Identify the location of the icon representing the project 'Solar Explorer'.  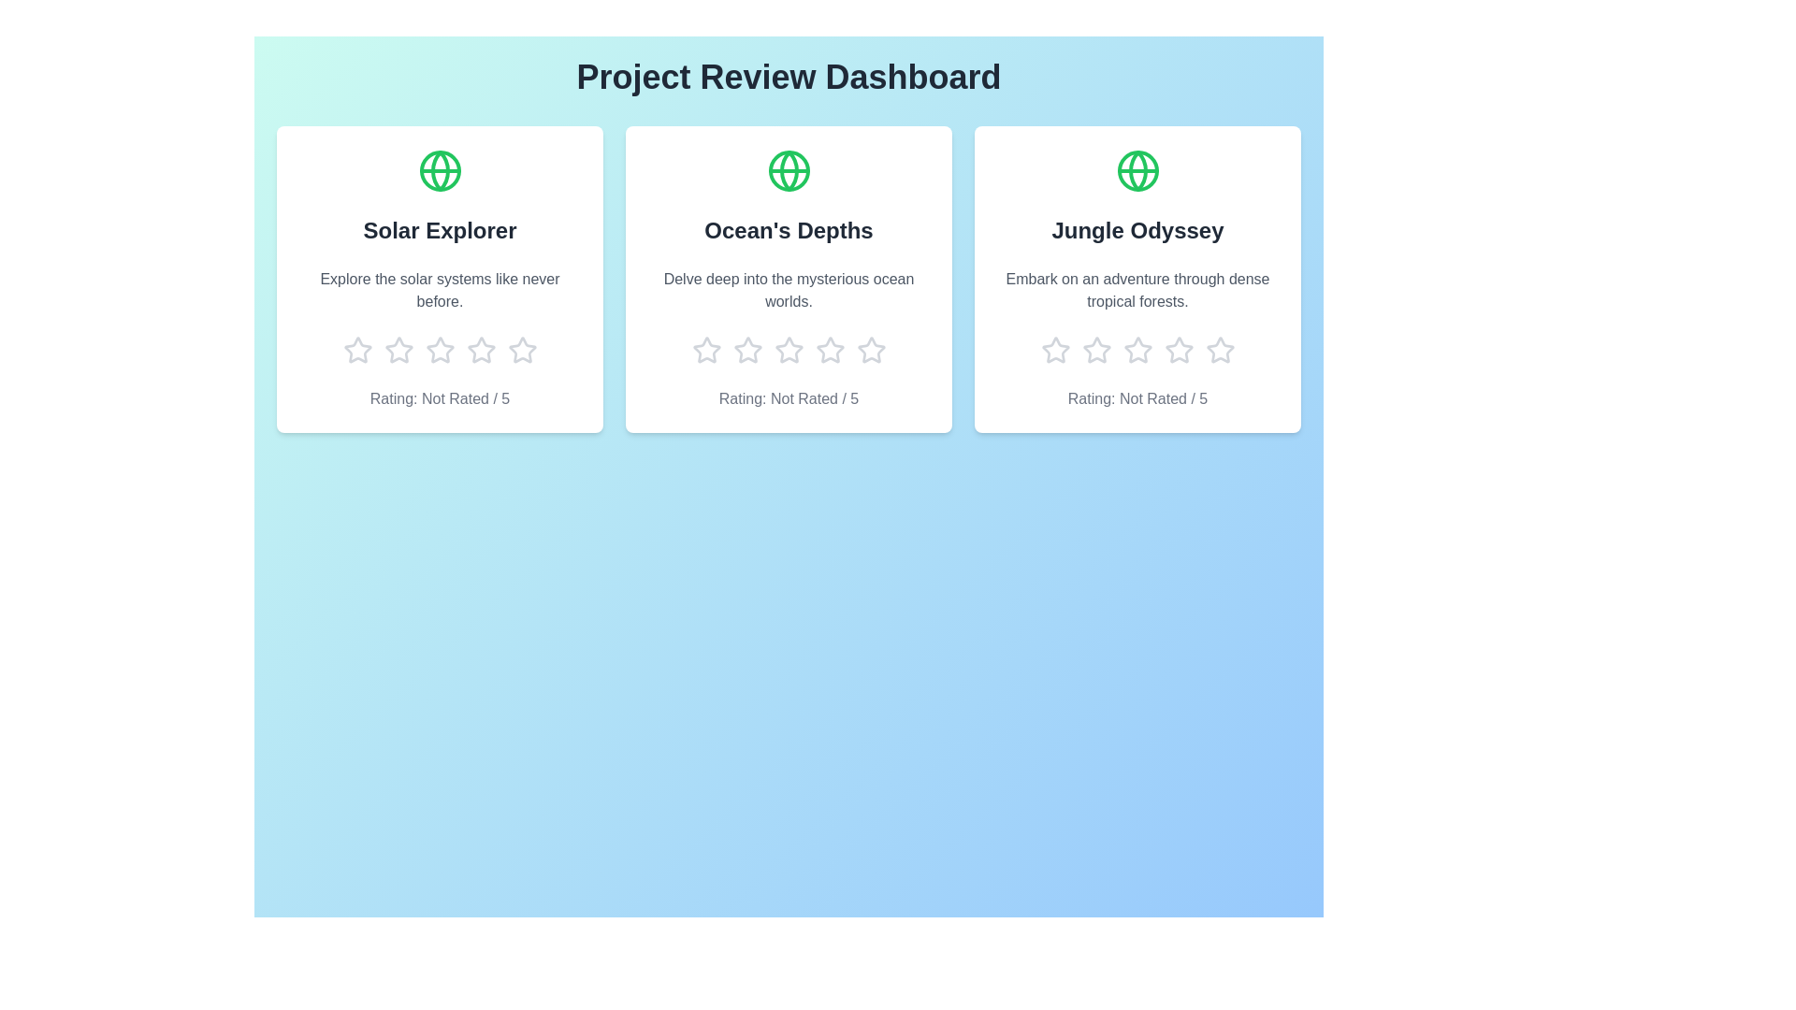
(439, 170).